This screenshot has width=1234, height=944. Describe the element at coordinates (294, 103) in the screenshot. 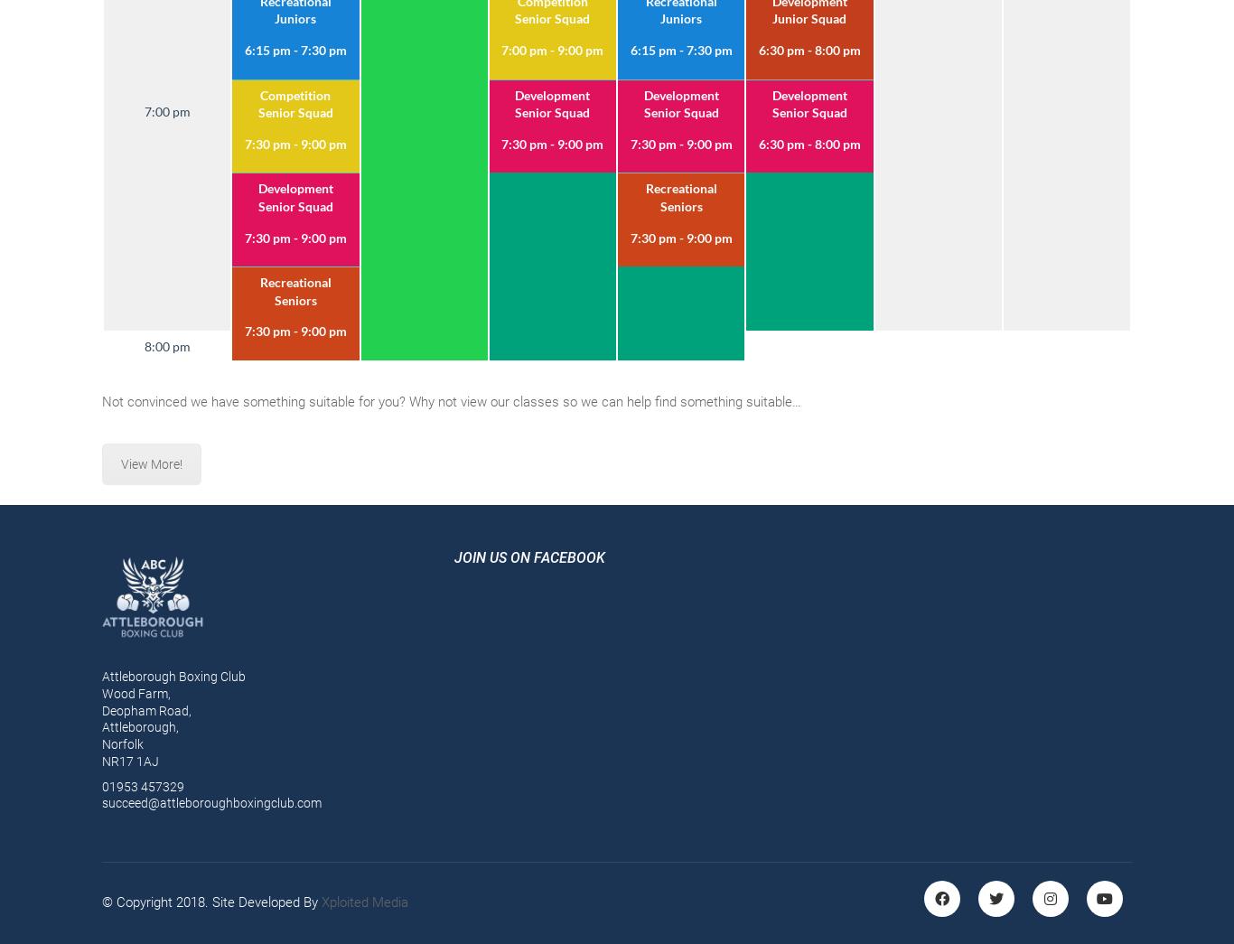

I see `'Competition Senior Squad'` at that location.